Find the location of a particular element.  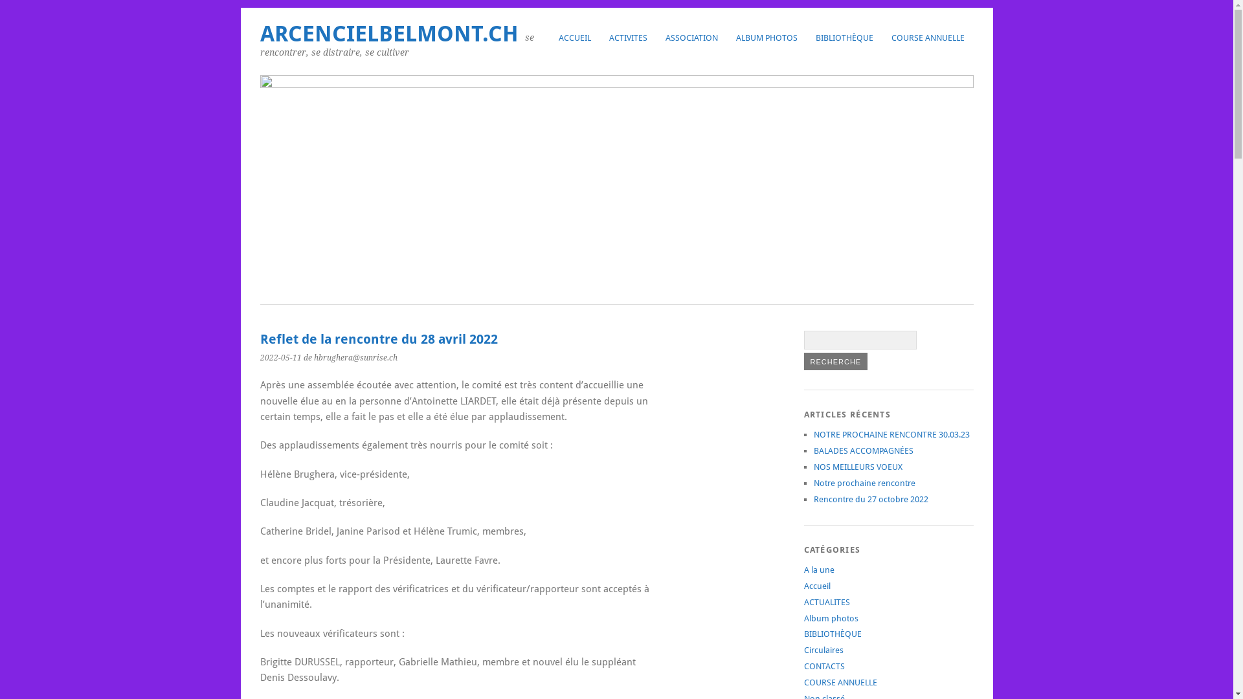

'Recherche' is located at coordinates (836, 361).